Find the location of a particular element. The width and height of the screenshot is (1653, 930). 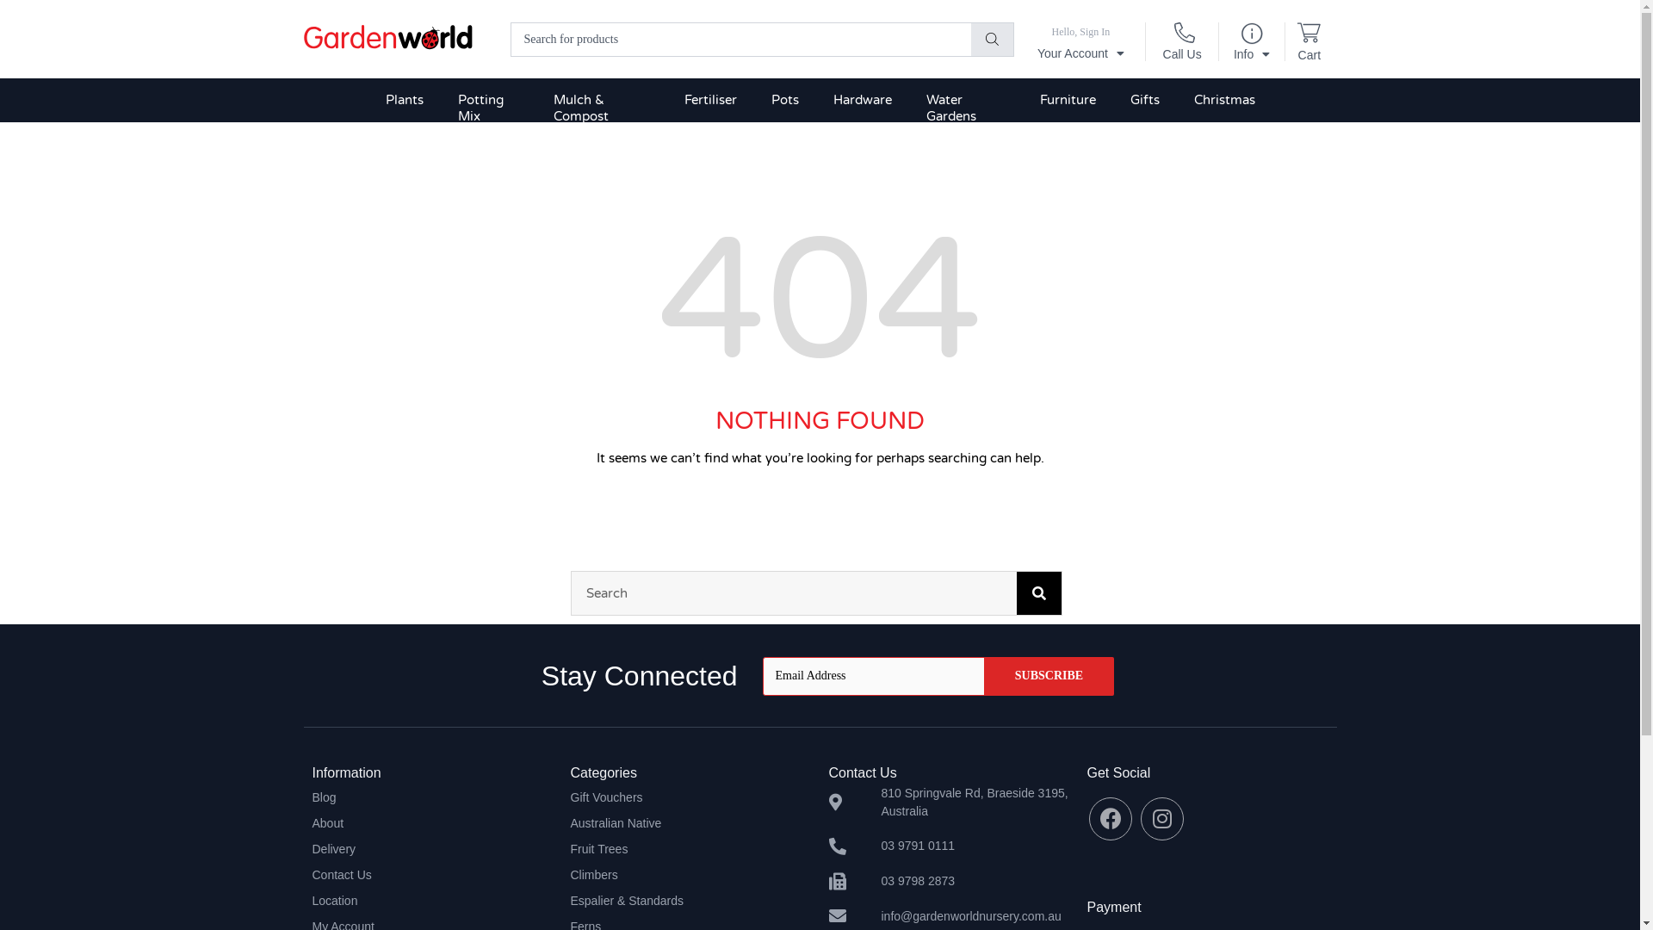

'Gift Vouchers' is located at coordinates (570, 797).